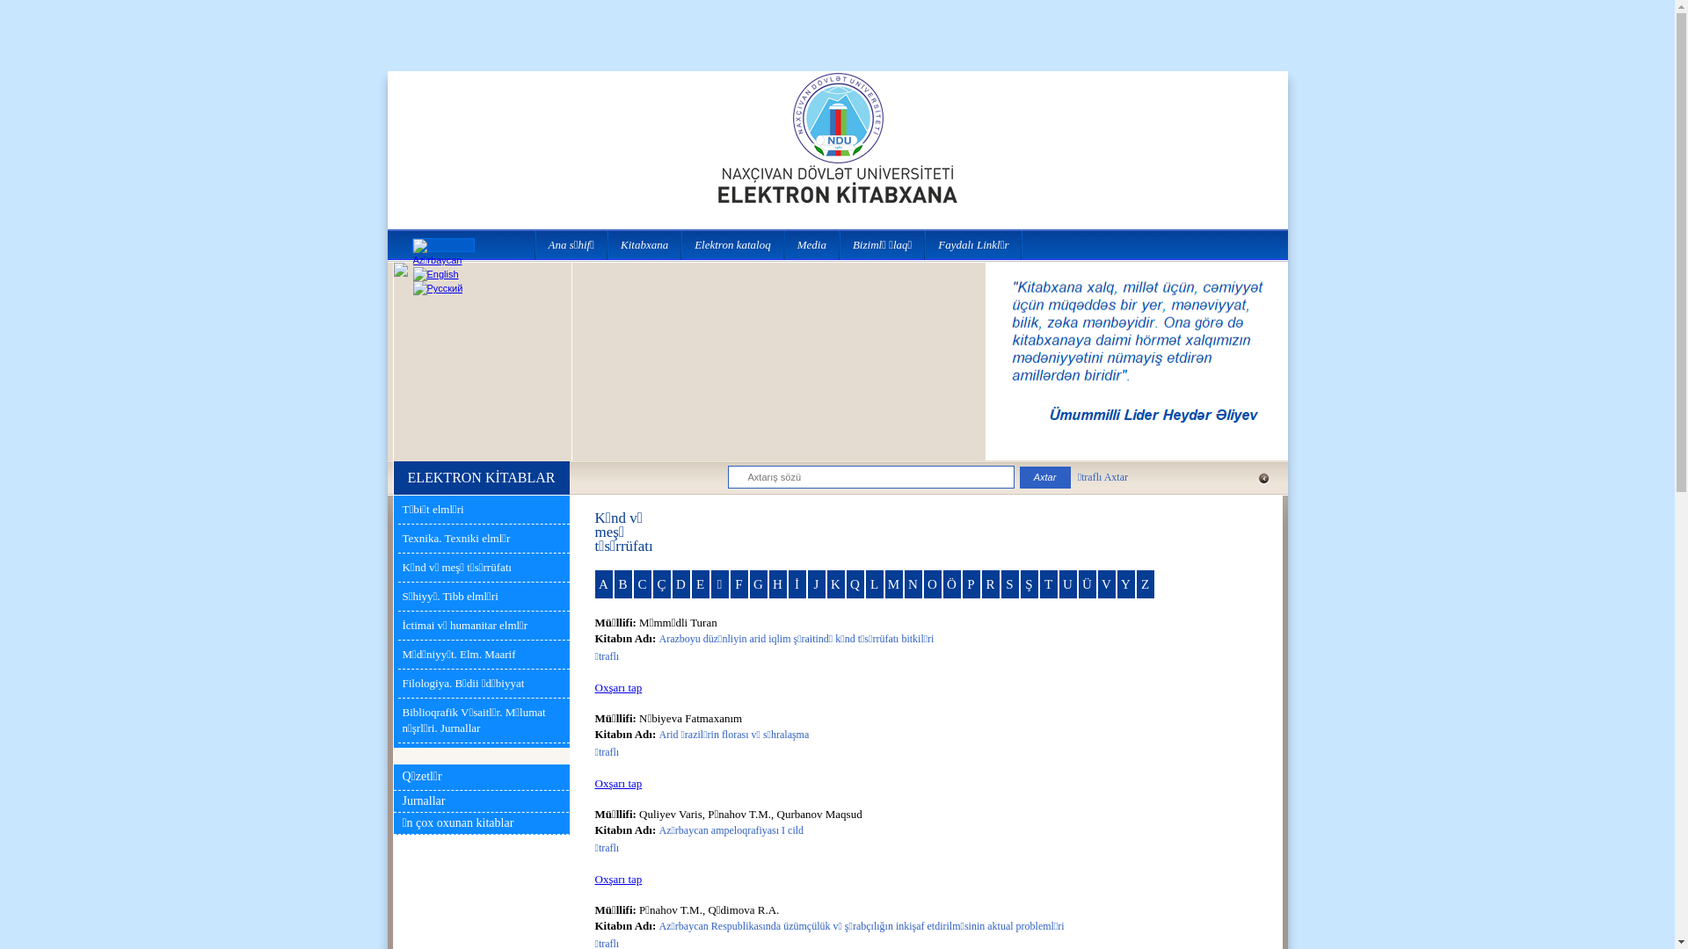 The width and height of the screenshot is (1688, 949). I want to click on 'K', so click(834, 583).